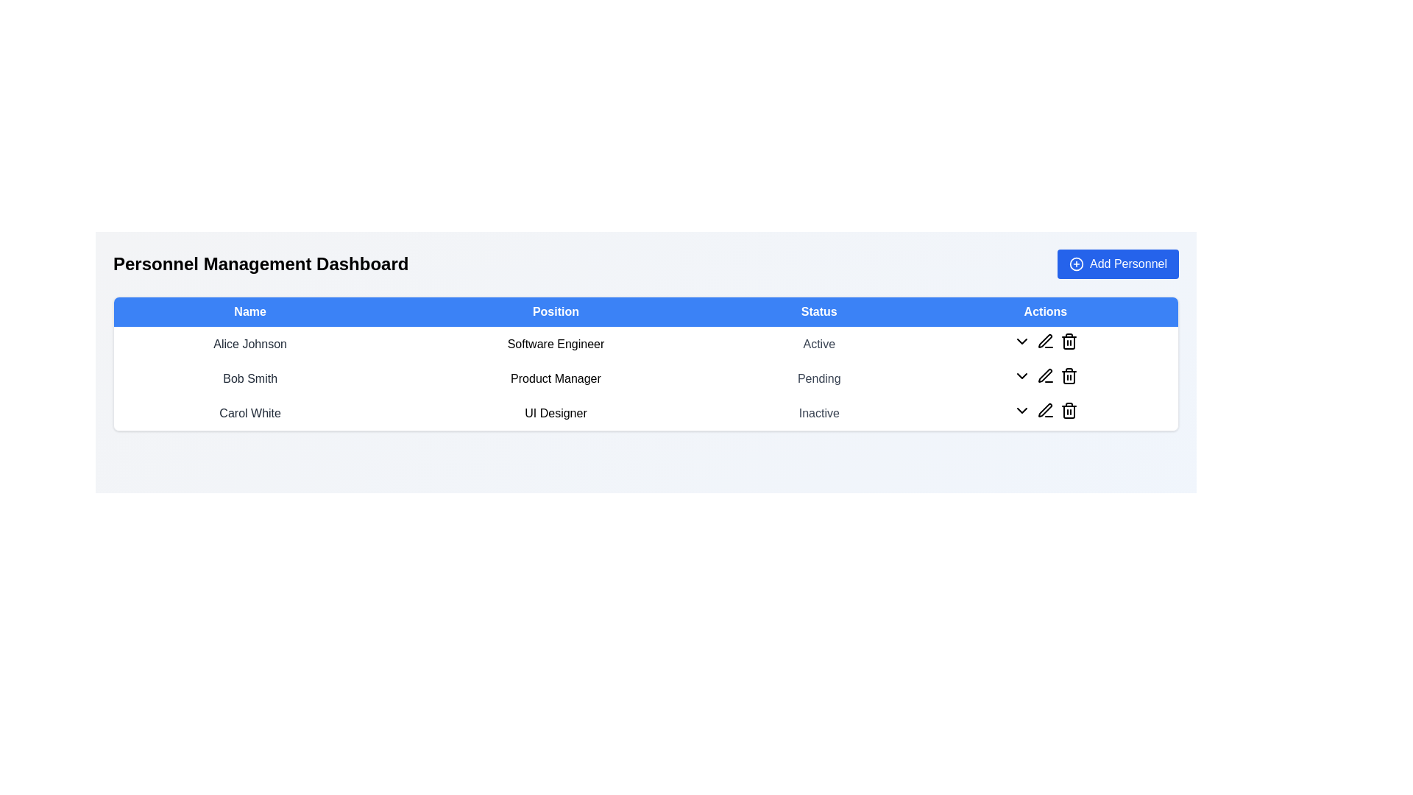 The width and height of the screenshot is (1413, 795). Describe the element at coordinates (1044, 340) in the screenshot. I see `the pen icon in the rightmost column under the 'Actions' header in the row for 'Bob Smith' to initiate the edit action` at that location.